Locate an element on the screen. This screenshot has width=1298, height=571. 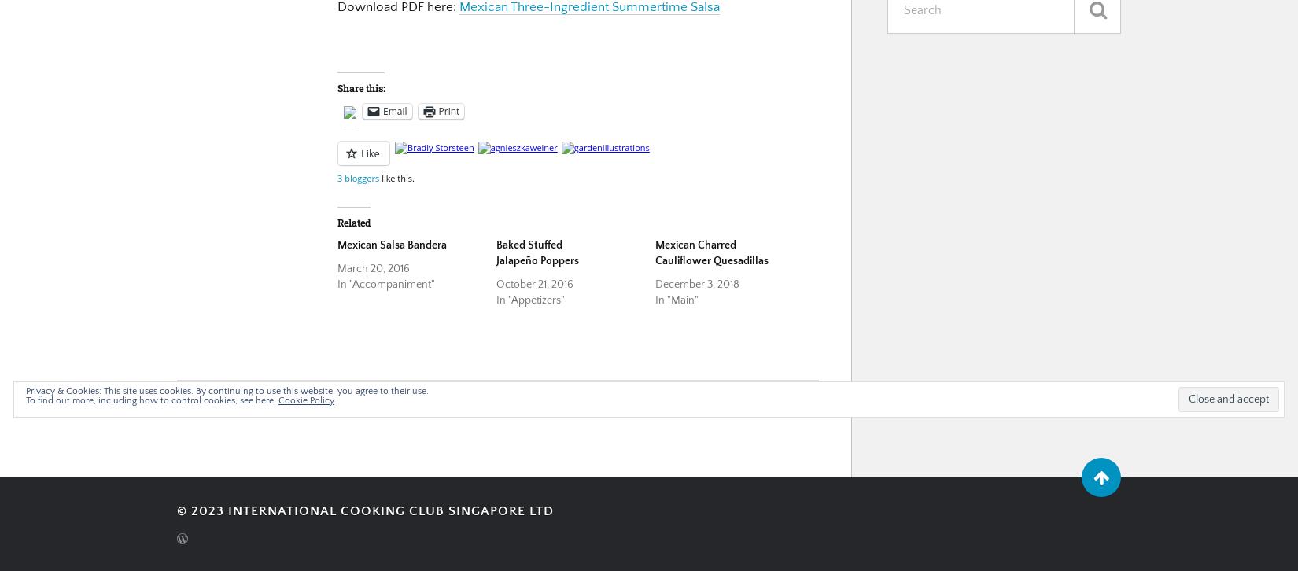
'Privacy & Cookies: This site uses cookies. By continuing to use this website, you agree to their use.' is located at coordinates (227, 391).